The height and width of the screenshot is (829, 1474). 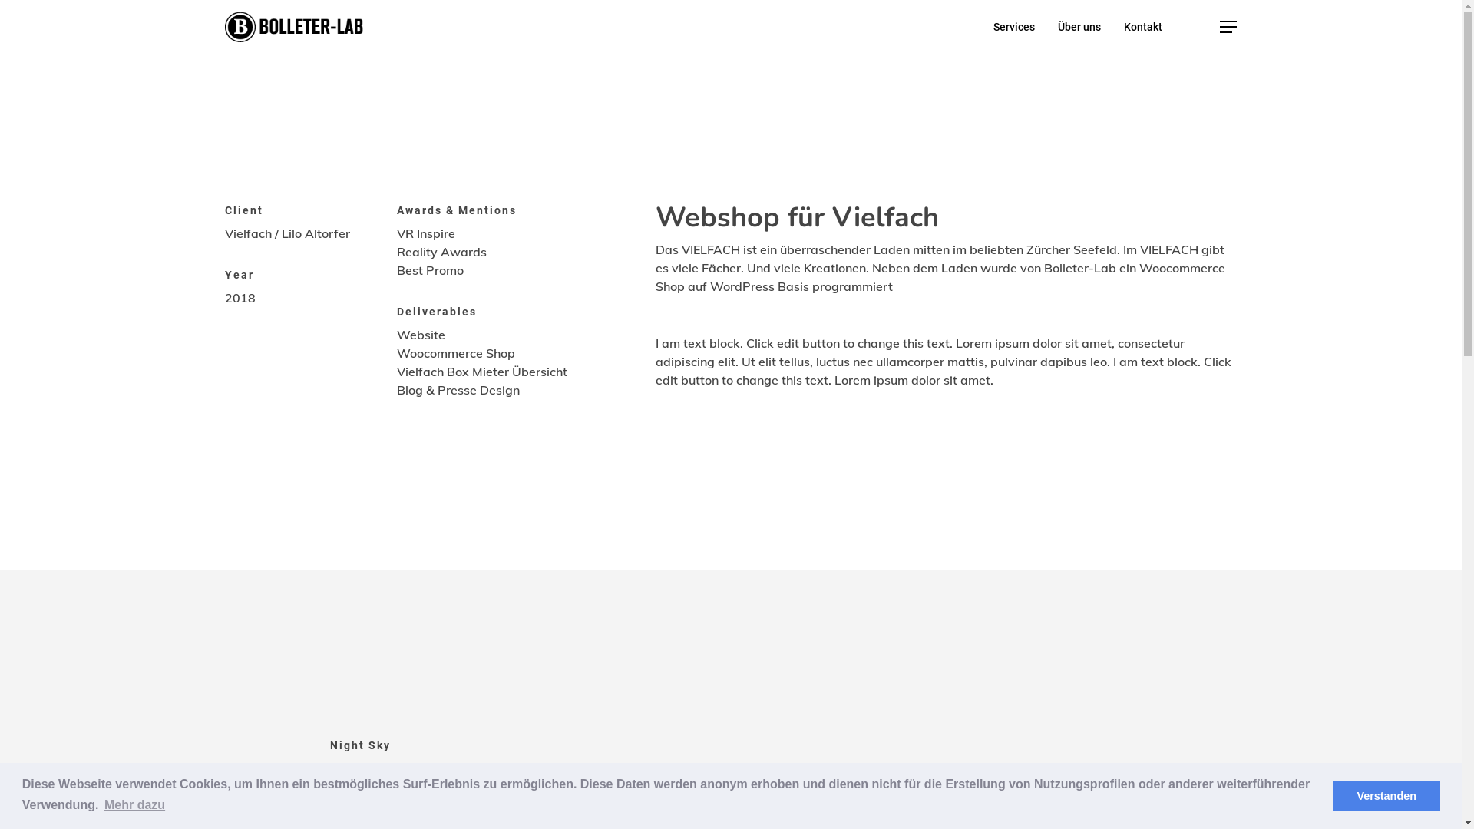 What do you see at coordinates (1227, 26) in the screenshot?
I see `'Menu'` at bounding box center [1227, 26].